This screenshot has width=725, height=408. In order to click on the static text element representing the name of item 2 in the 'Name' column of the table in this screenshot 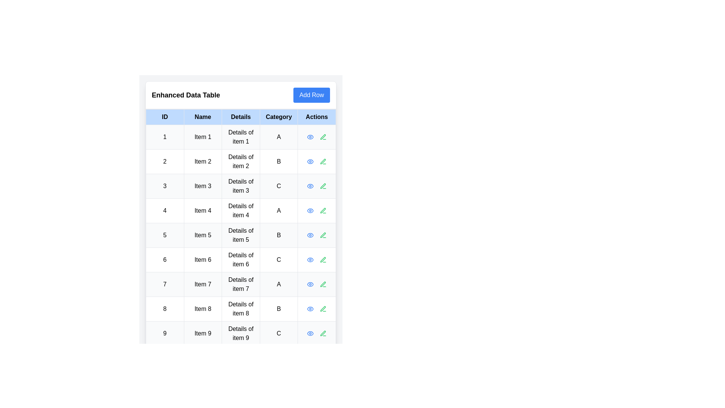, I will do `click(203, 161)`.